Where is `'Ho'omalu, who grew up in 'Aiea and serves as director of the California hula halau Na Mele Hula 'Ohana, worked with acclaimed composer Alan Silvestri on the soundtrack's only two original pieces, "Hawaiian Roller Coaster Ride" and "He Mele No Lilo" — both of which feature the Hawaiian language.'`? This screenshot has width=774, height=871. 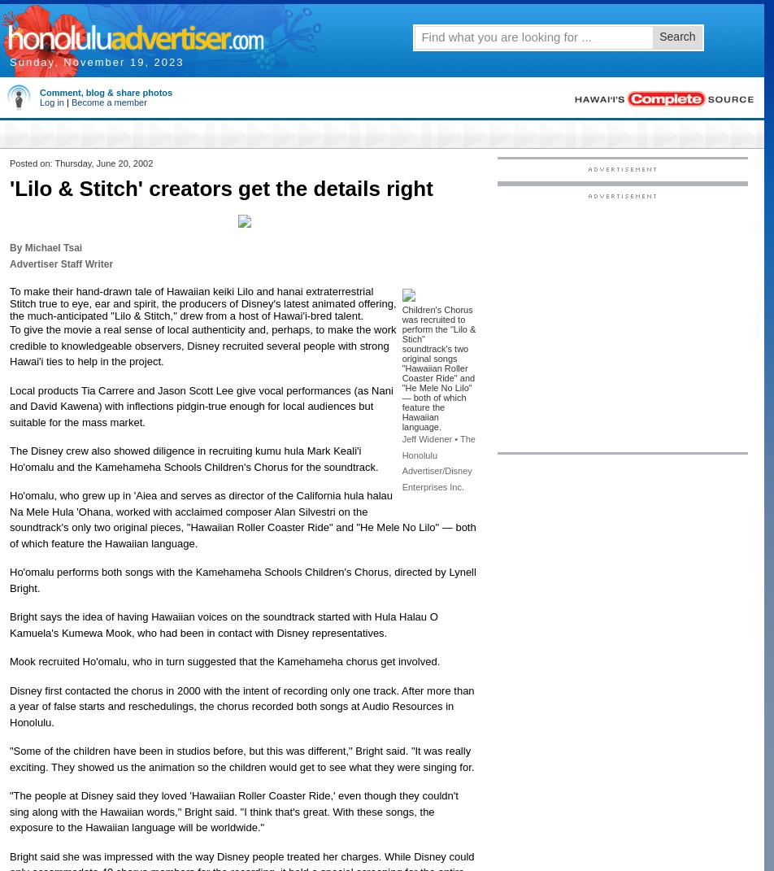
'Ho'omalu, who grew up in 'Aiea and serves as director of the California hula halau Na Mele Hula 'Ohana, worked with acclaimed composer Alan Silvestri on the soundtrack's only two original pieces, "Hawaiian Roller Coaster Ride" and "He Mele No Lilo" — both of which feature the Hawaiian language.' is located at coordinates (242, 518).